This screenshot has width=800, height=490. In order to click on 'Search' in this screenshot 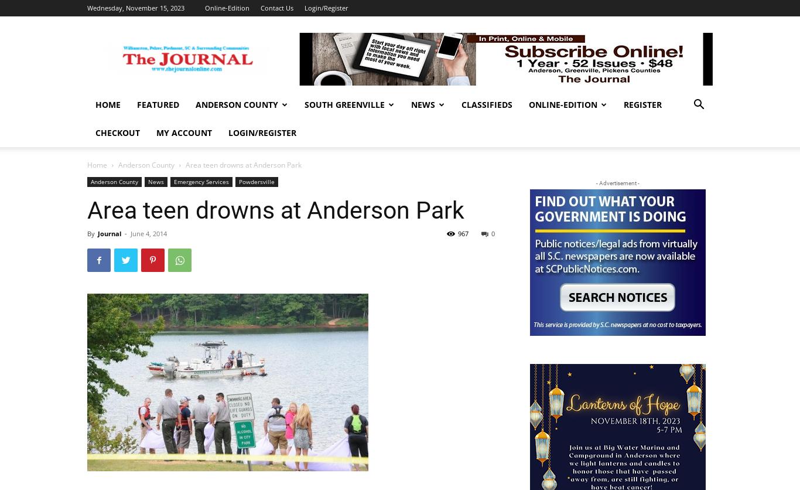, I will do `click(399, 59)`.